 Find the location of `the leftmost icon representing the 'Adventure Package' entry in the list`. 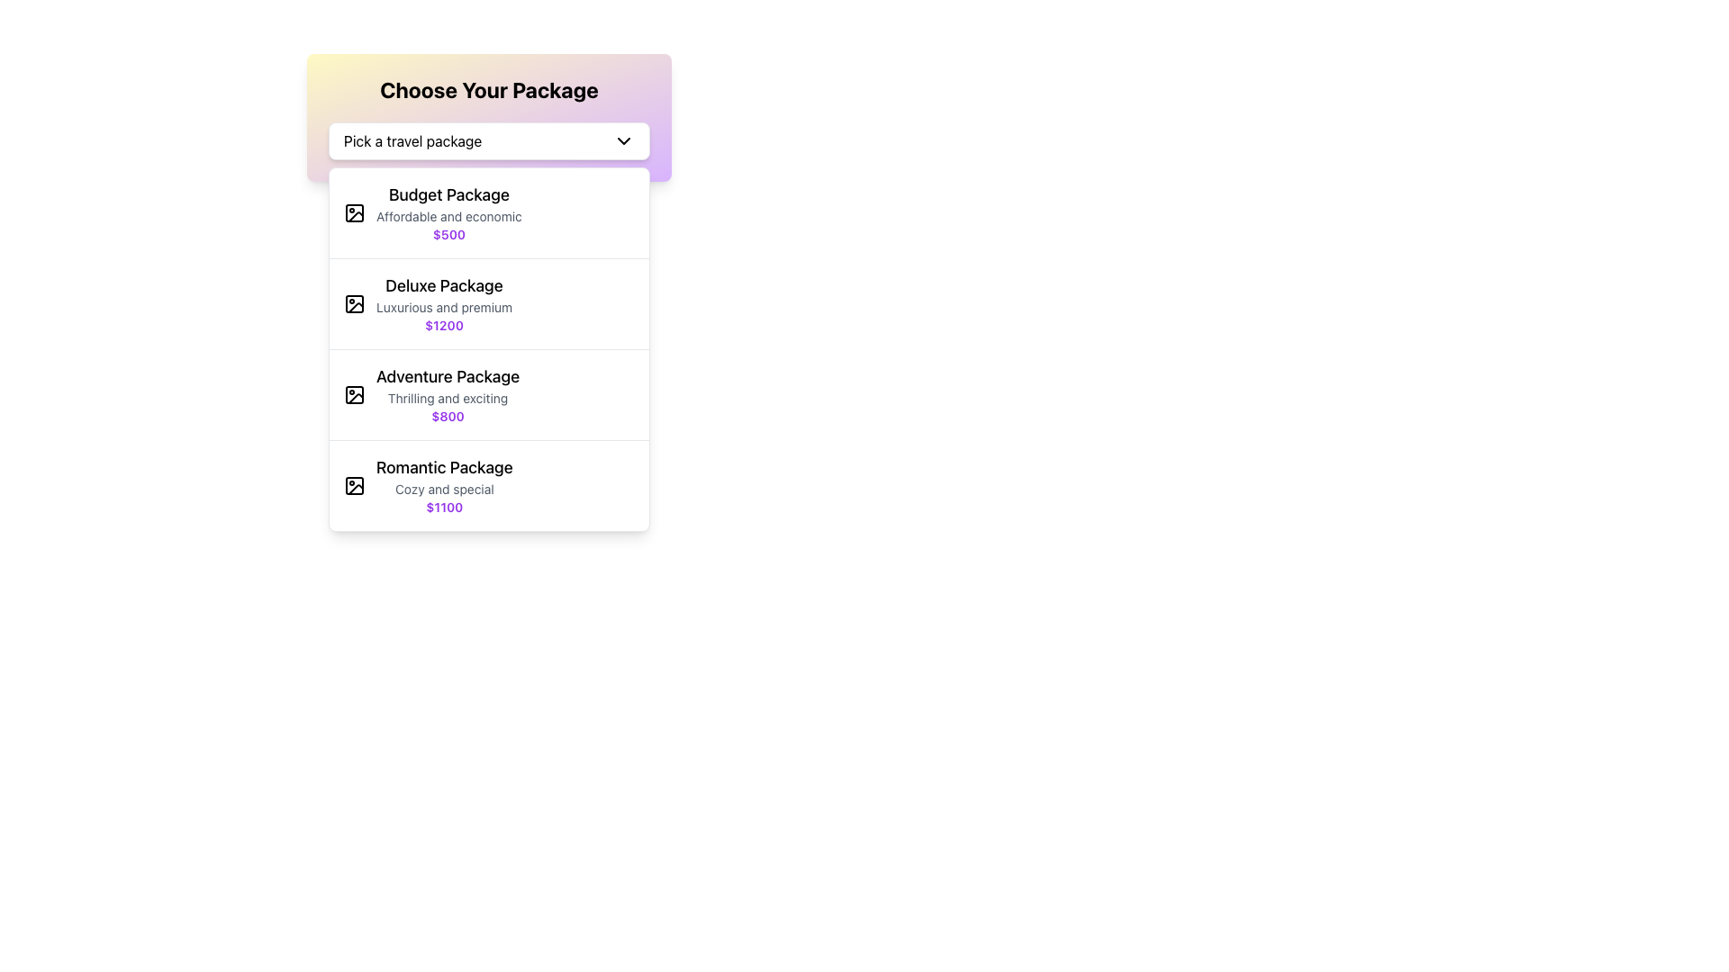

the leftmost icon representing the 'Adventure Package' entry in the list is located at coordinates (354, 394).